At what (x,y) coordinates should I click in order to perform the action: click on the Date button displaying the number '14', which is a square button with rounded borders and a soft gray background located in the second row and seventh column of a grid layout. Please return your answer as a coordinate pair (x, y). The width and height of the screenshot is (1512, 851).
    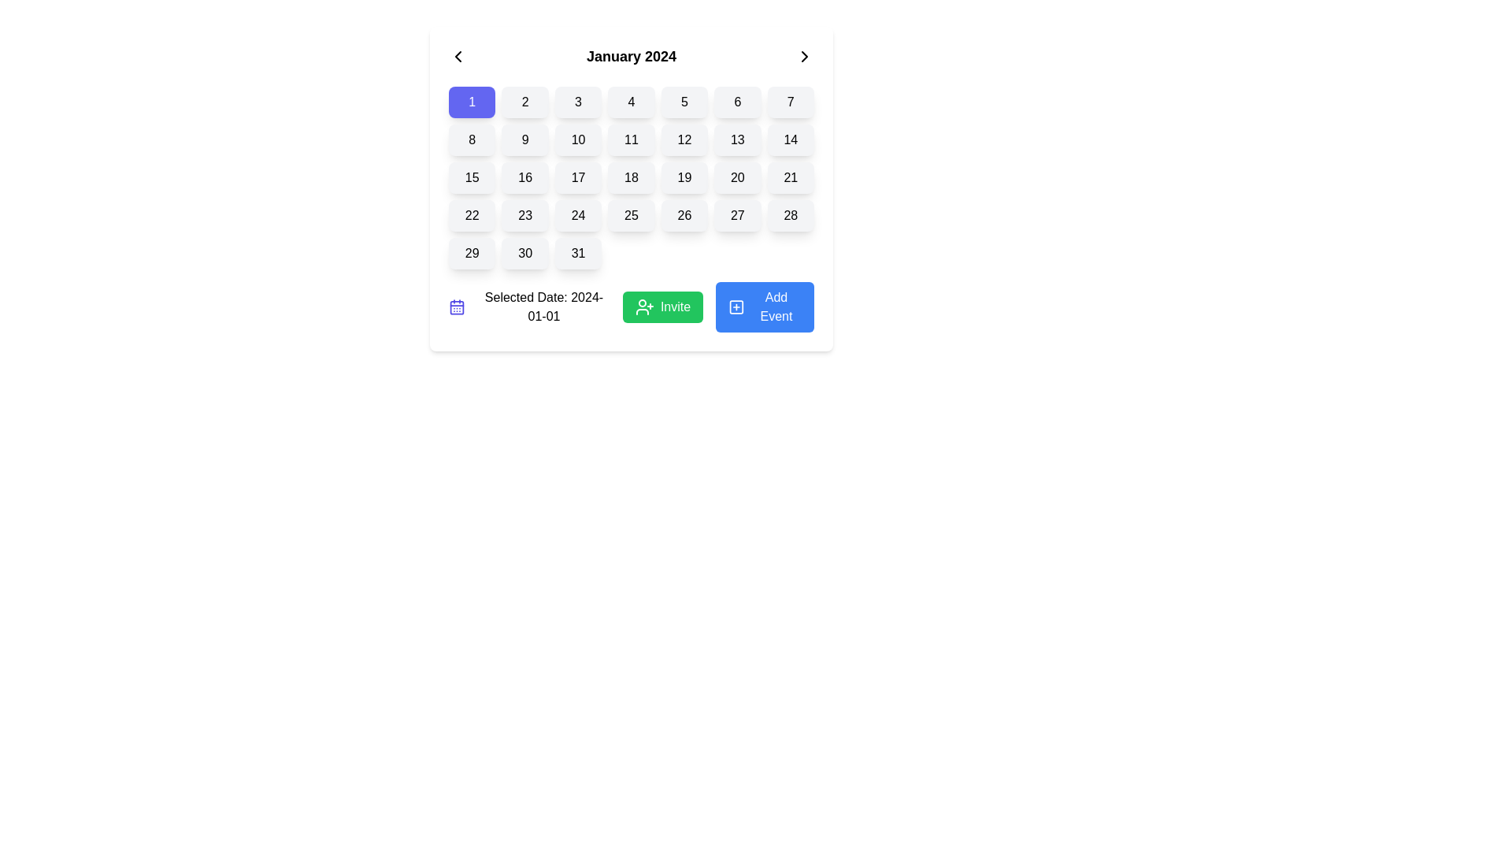
    Looking at the image, I should click on (791, 139).